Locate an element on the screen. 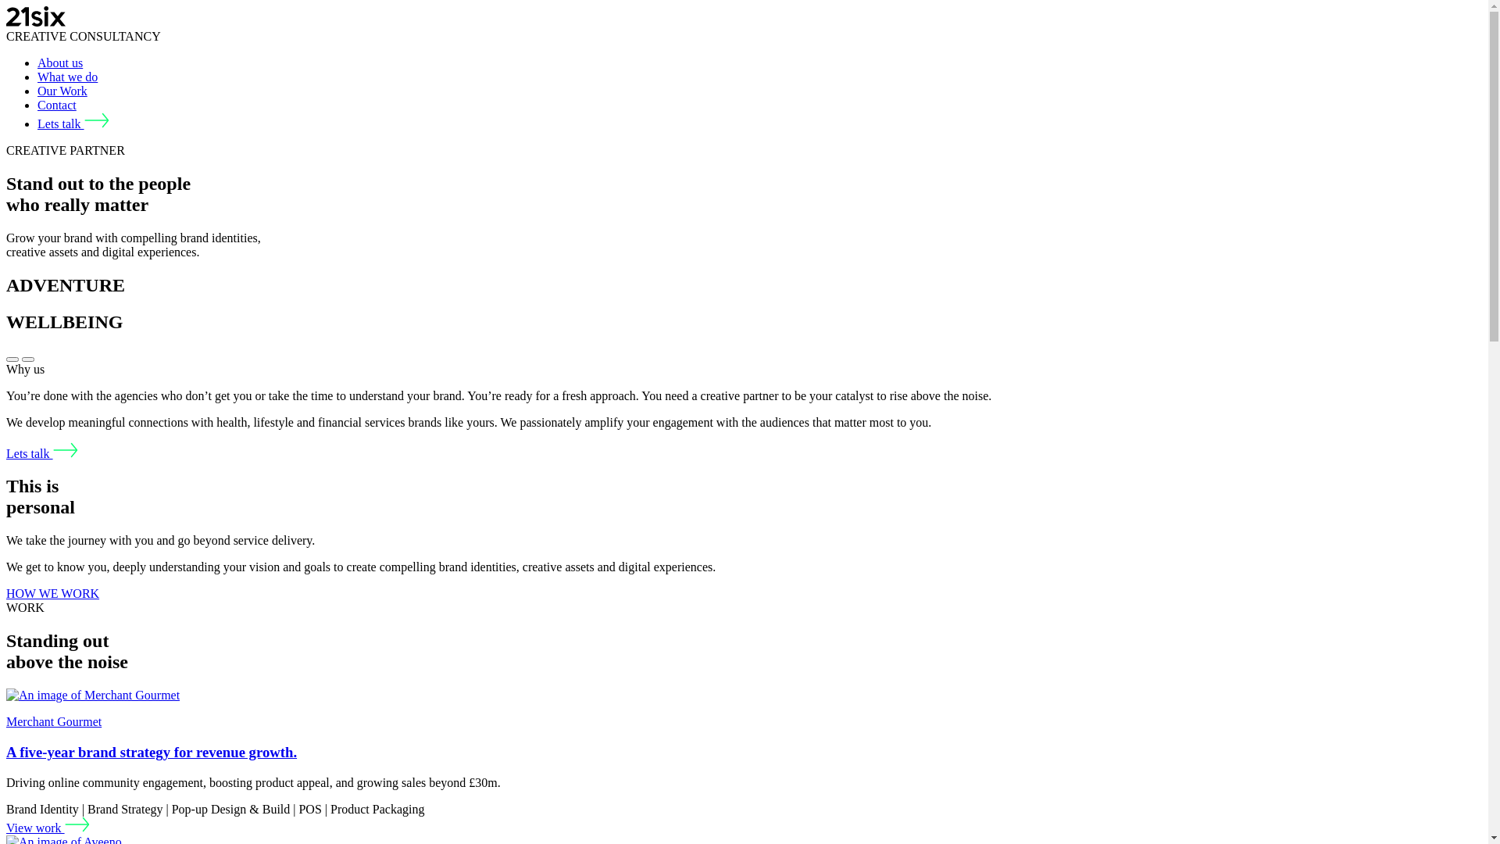 The height and width of the screenshot is (844, 1500). 'Merchant Gourmet' is located at coordinates (92, 695).